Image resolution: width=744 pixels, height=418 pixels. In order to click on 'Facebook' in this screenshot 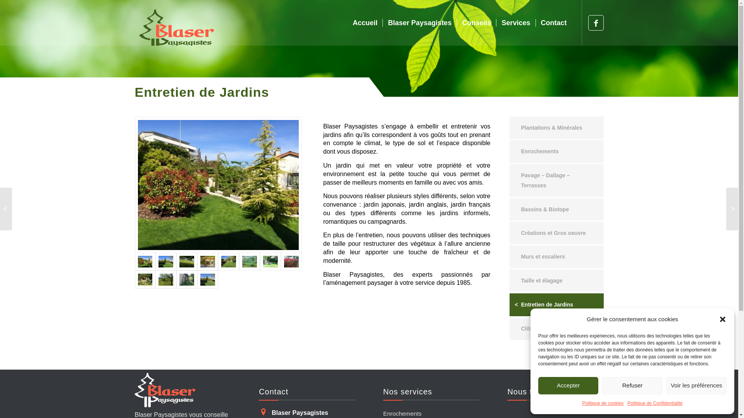, I will do `click(595, 22)`.